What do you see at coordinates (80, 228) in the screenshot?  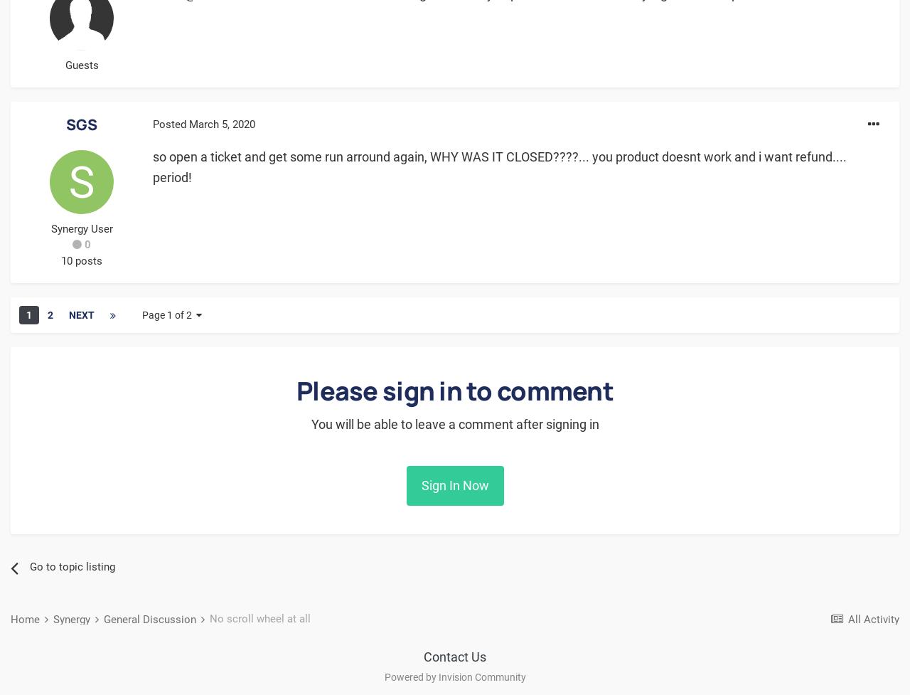 I see `'Synergy User'` at bounding box center [80, 228].